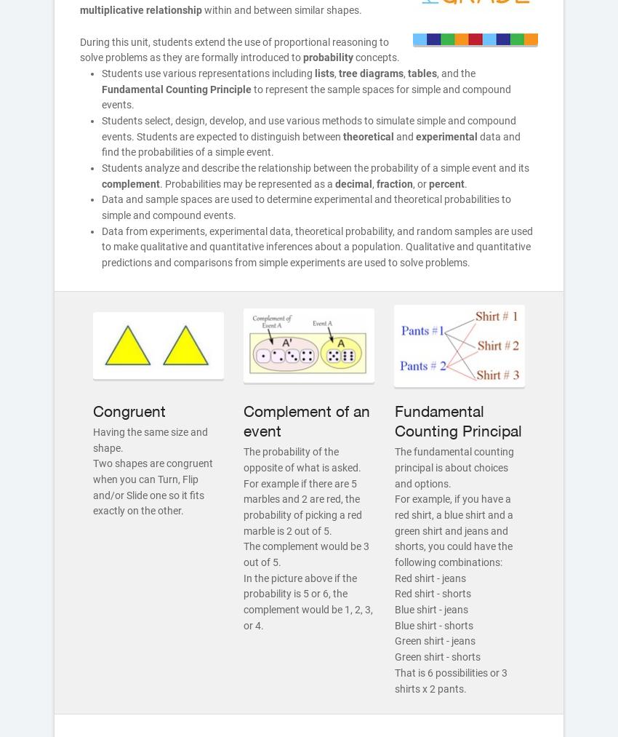 The width and height of the screenshot is (618, 737). I want to click on 'Green shirt - shorts', so click(436, 656).